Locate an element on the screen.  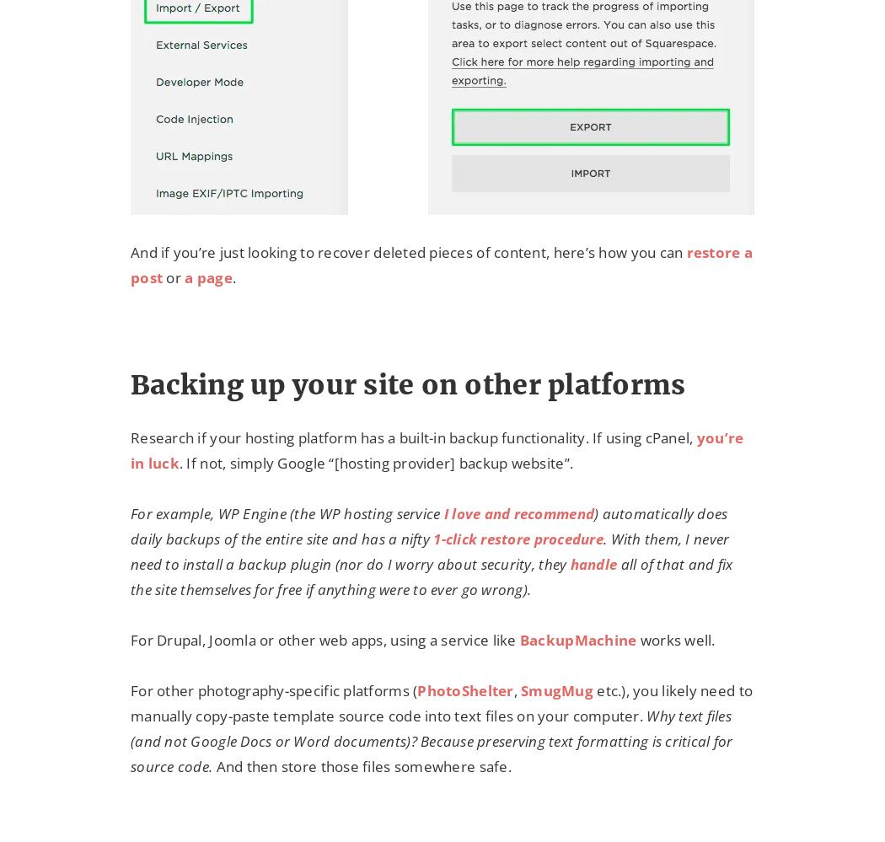
'PhotoShelter' is located at coordinates (464, 690).